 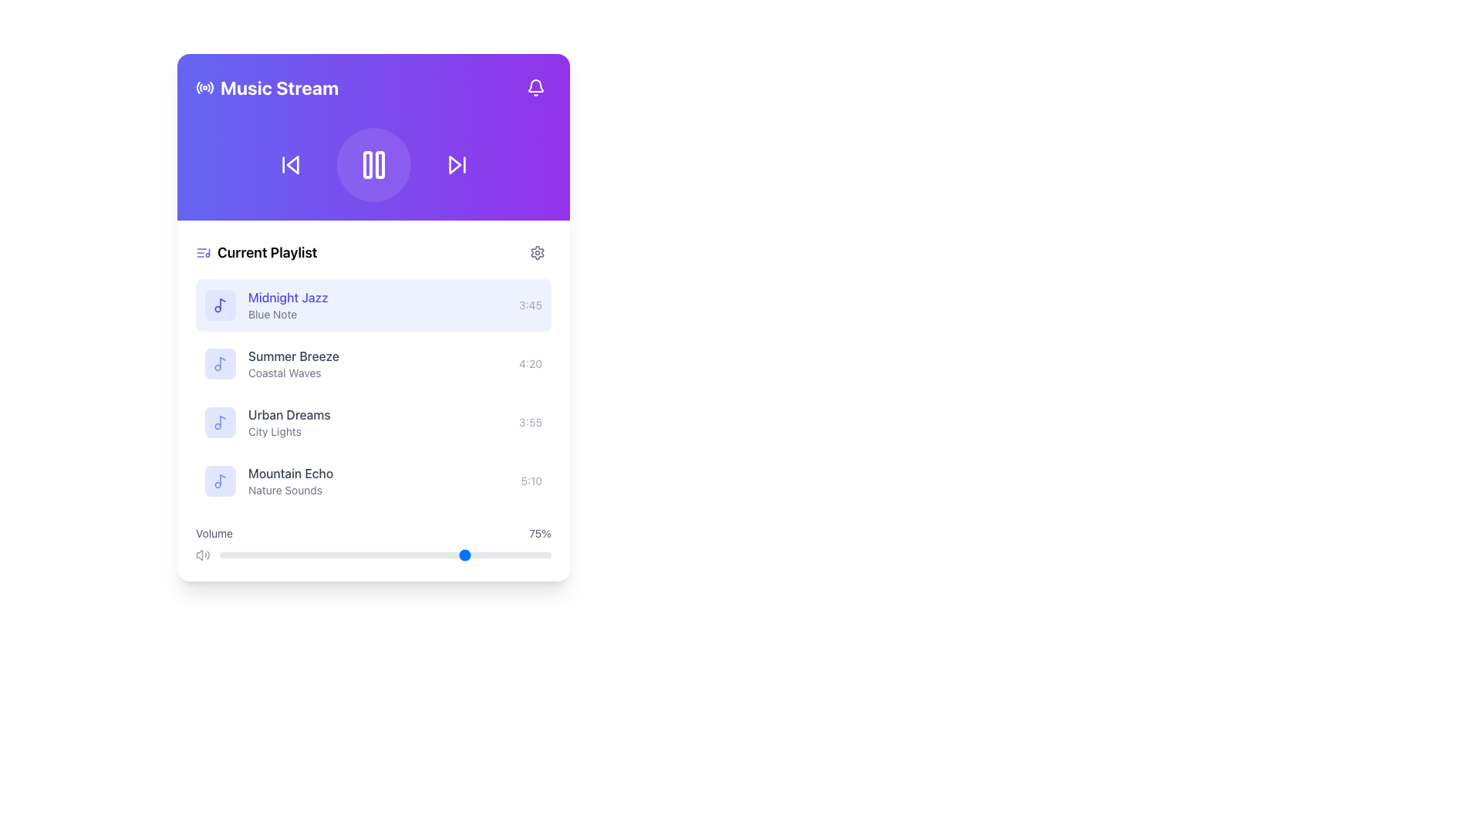 What do you see at coordinates (373, 532) in the screenshot?
I see `the label displaying 'Volume' and '75%' located at the bottom of the 'Current Playlist' section, just above the volume slider` at bounding box center [373, 532].